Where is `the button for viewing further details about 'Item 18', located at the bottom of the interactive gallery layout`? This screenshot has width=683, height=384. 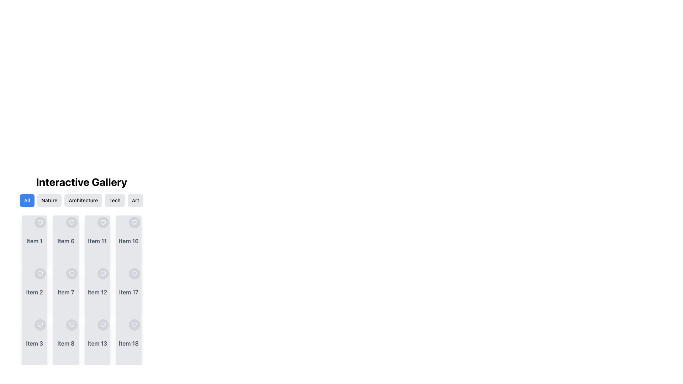
the button for viewing further details about 'Item 18', located at the bottom of the interactive gallery layout is located at coordinates (132, 343).